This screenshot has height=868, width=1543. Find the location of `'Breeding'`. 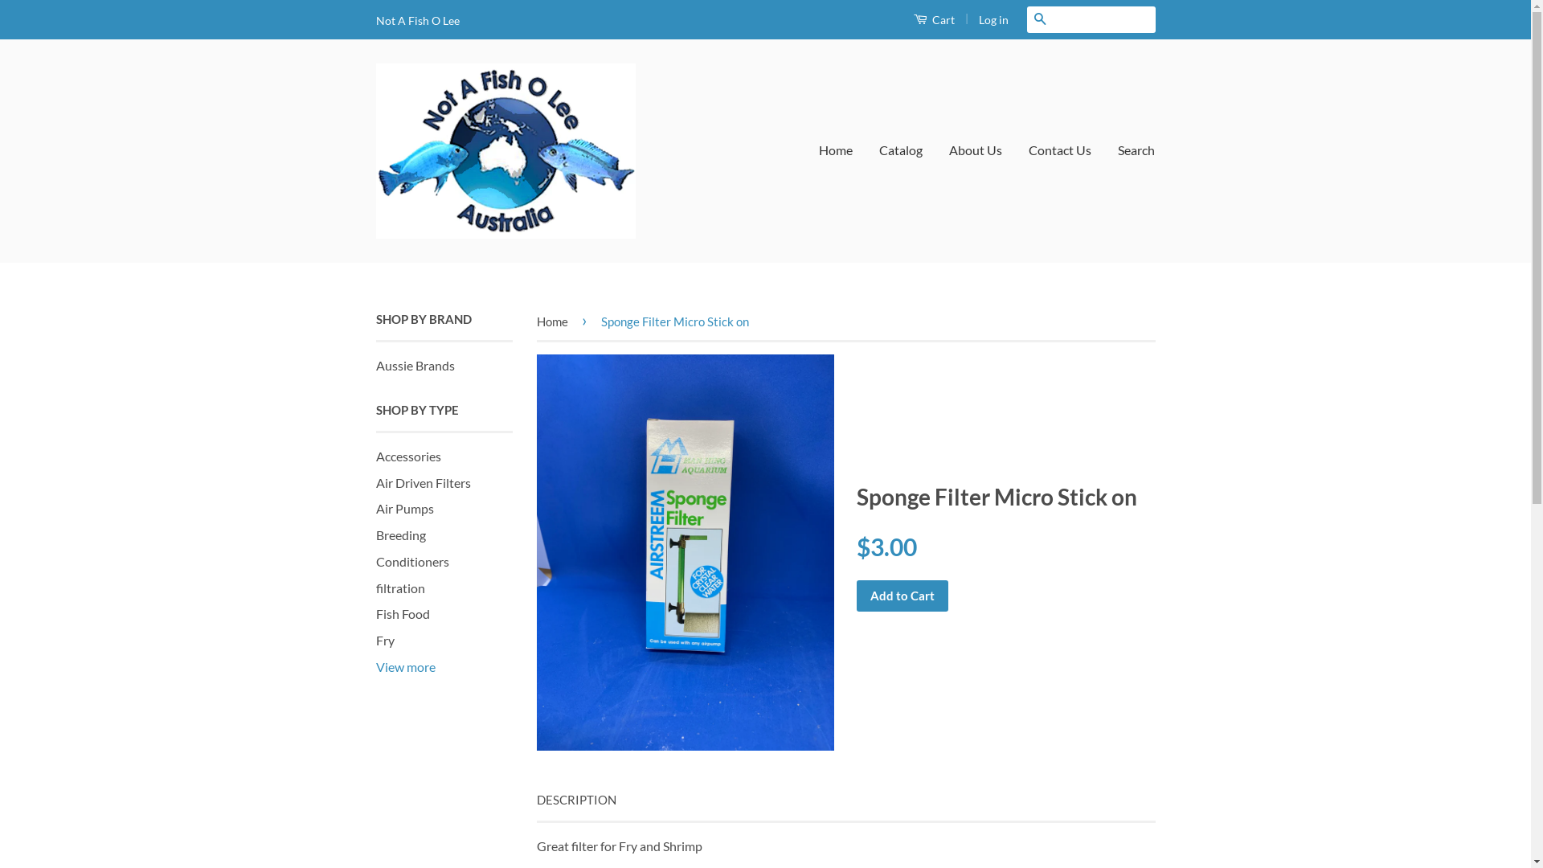

'Breeding' is located at coordinates (374, 534).